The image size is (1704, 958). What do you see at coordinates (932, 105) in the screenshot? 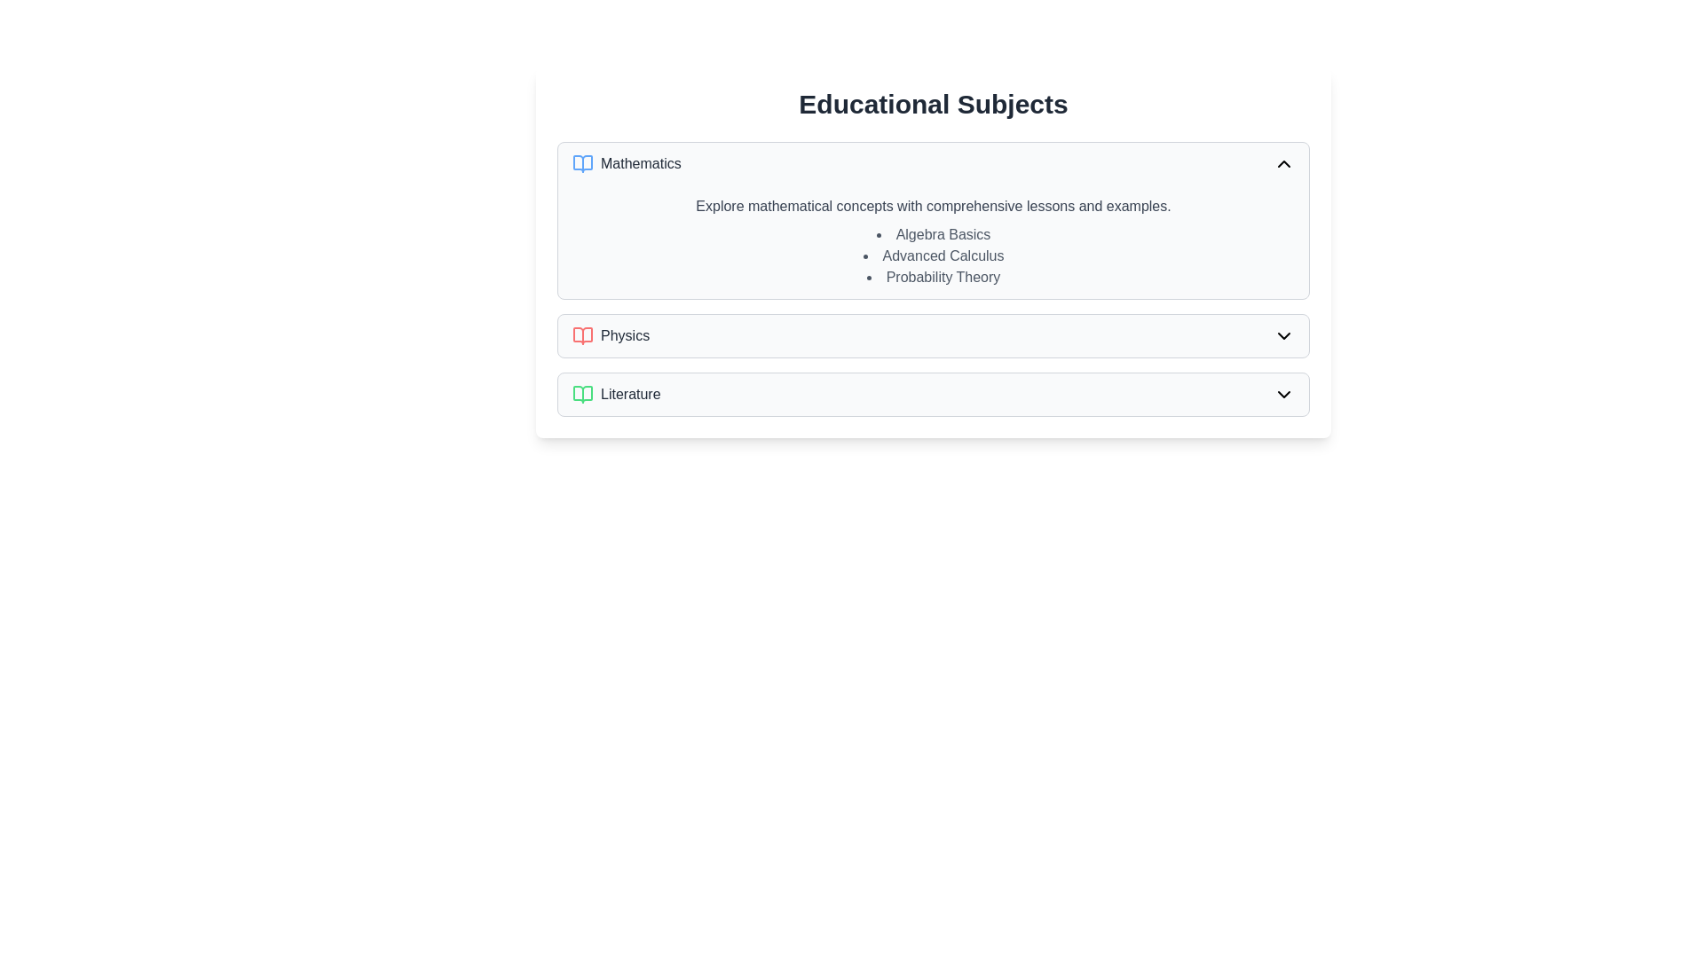
I see `static text heading 'Educational Subjects' which is a bold, centered text at the top of the section with a white background` at bounding box center [932, 105].